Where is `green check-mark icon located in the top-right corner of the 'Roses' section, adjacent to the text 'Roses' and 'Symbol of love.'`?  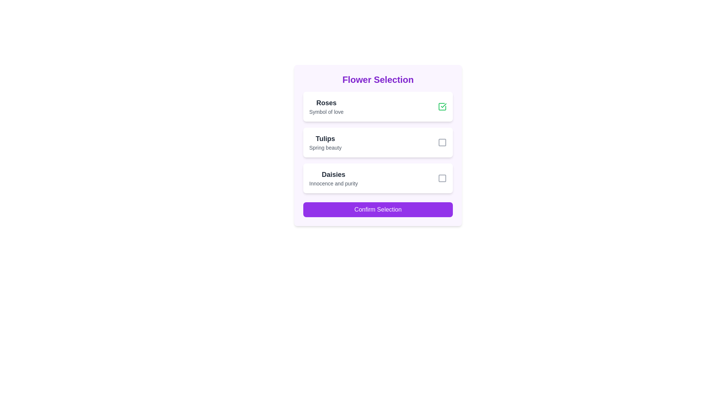
green check-mark icon located in the top-right corner of the 'Roses' section, adjacent to the text 'Roses' and 'Symbol of love.' is located at coordinates (442, 106).